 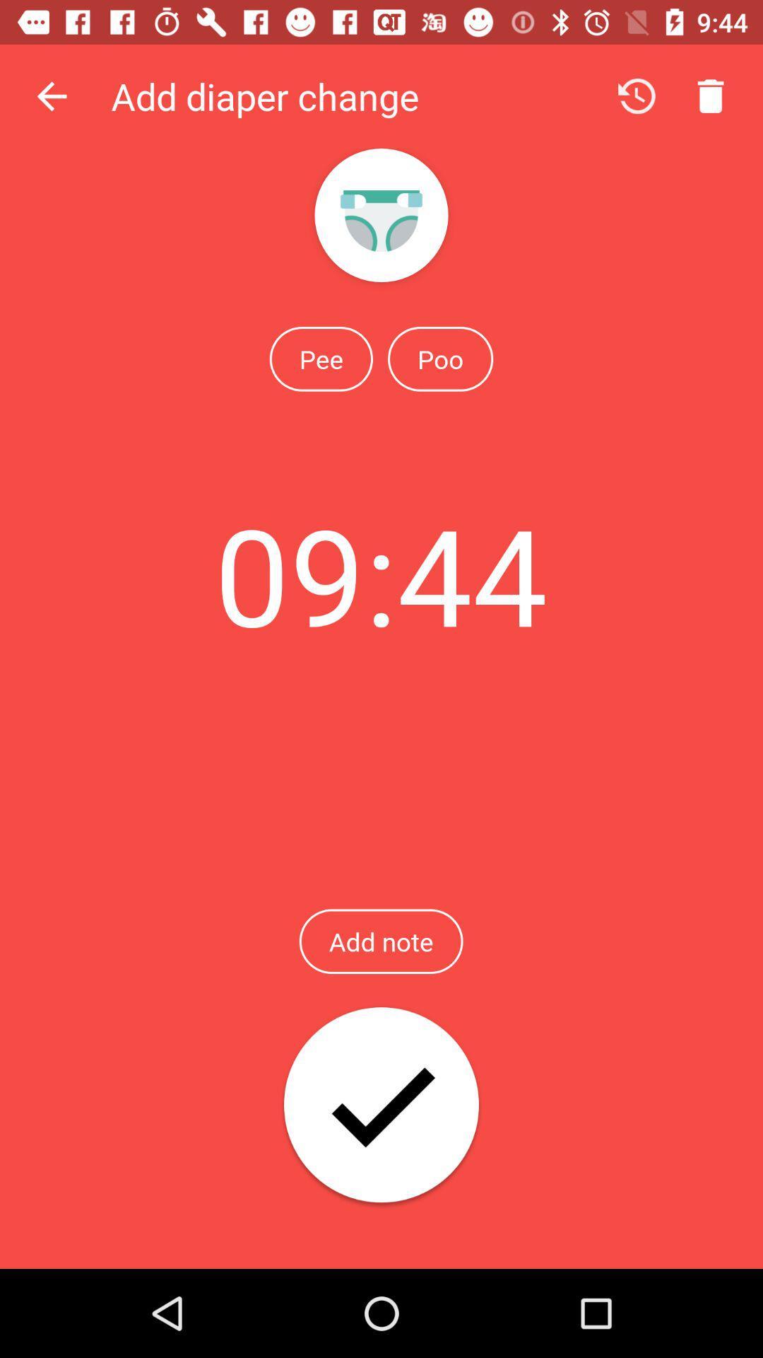 I want to click on the icon above add note, so click(x=380, y=574).